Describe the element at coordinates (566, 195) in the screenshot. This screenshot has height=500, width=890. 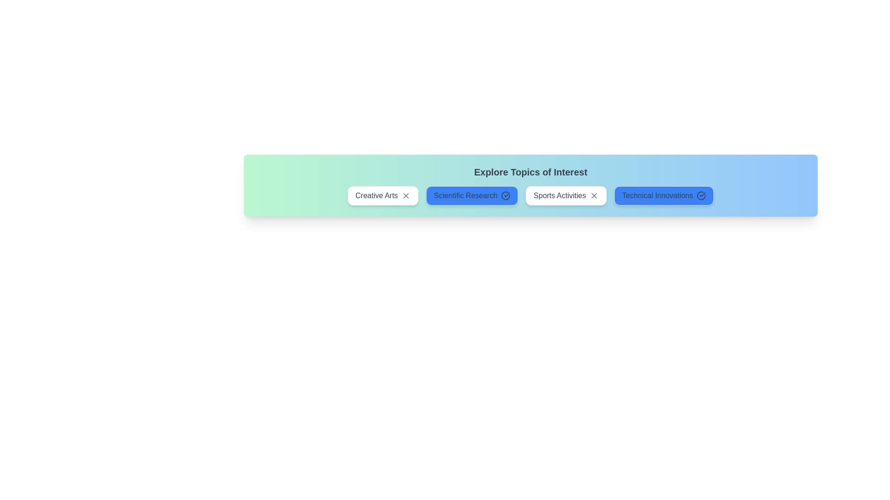
I see `the chip labeled Sports Activities` at that location.